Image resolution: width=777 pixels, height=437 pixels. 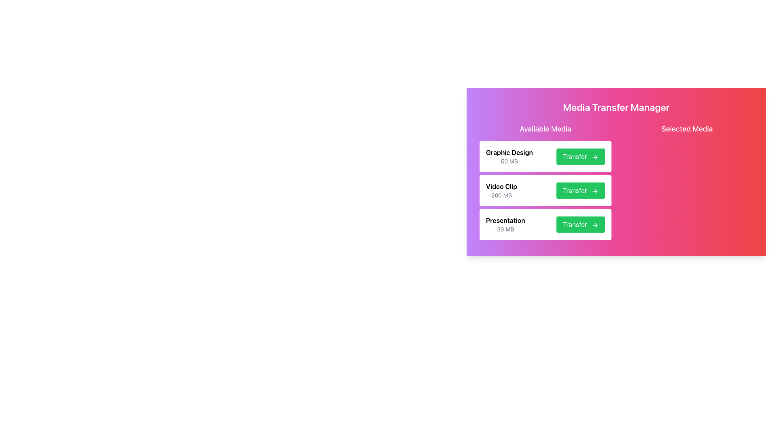 What do you see at coordinates (505, 229) in the screenshot?
I see `the size information label of the 'Presentation' media item, which is located in the third row below the text 'Presentation'` at bounding box center [505, 229].